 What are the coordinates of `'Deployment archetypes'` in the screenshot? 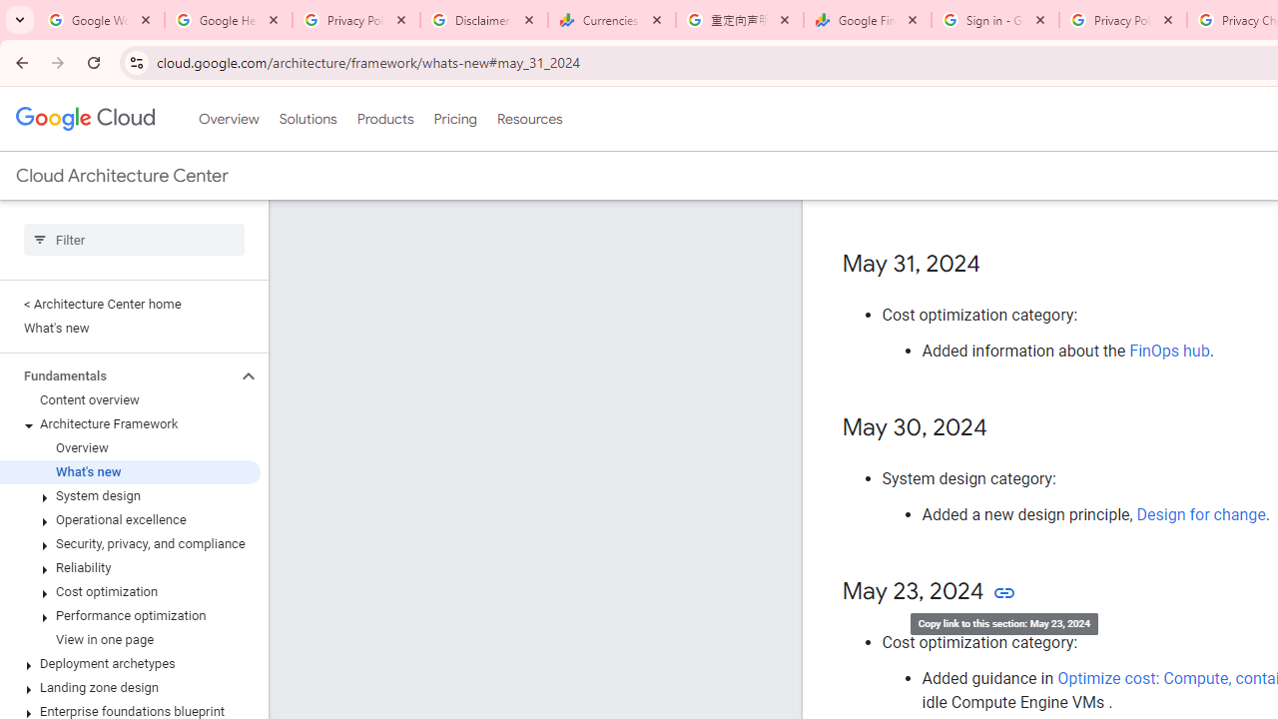 It's located at (129, 663).